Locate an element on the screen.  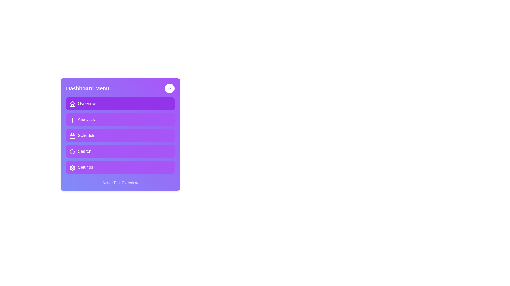
the house-shaped icon located at the top of the list within the 'Dashboard Menu', specifically to the left of the text 'Overview' is located at coordinates (72, 104).